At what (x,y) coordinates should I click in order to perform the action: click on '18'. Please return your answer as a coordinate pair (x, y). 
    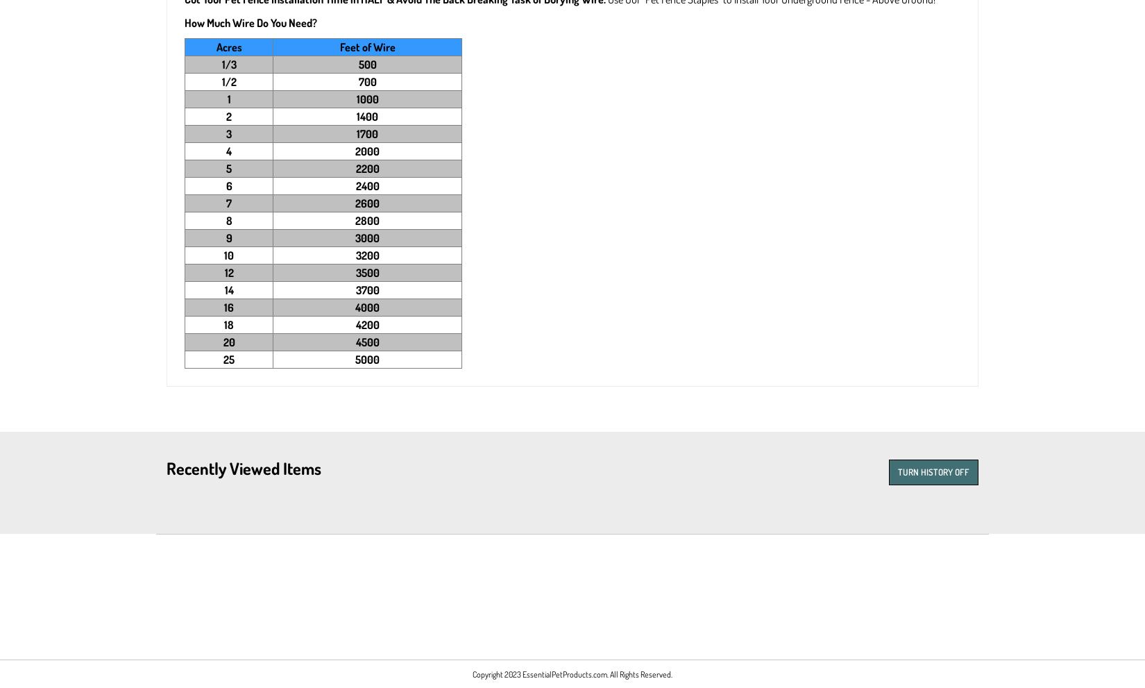
    Looking at the image, I should click on (224, 324).